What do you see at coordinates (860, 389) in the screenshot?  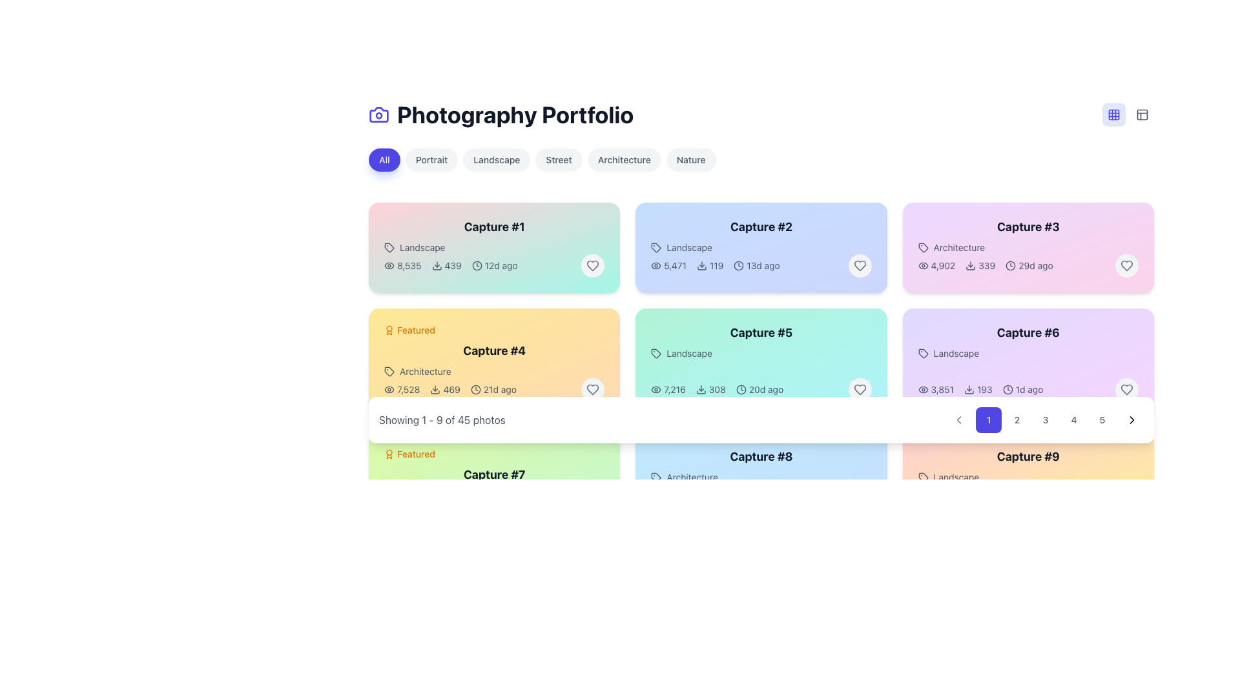 I see `the favorite button located in the top-right corner of the card labeled 'Capture #5' to like the item` at bounding box center [860, 389].